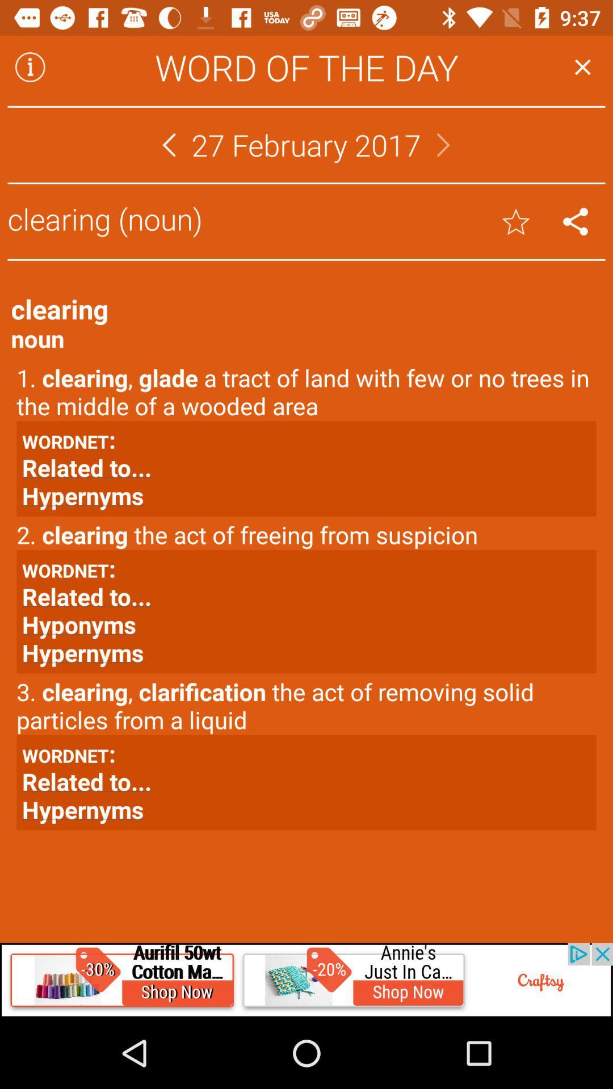 The image size is (613, 1089). Describe the element at coordinates (516, 221) in the screenshot. I see `added to favourites` at that location.